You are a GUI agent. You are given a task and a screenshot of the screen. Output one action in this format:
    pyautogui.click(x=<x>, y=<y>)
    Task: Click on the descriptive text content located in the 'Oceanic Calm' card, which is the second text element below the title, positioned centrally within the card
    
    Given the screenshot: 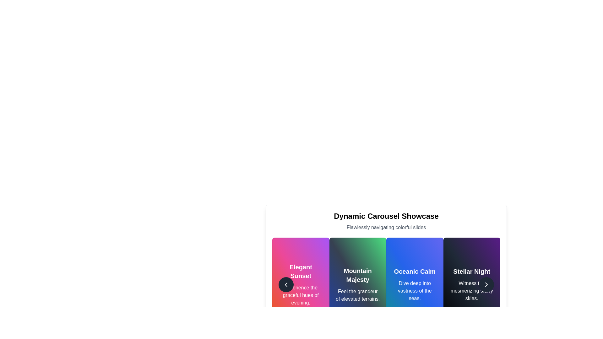 What is the action you would take?
    pyautogui.click(x=415, y=291)
    